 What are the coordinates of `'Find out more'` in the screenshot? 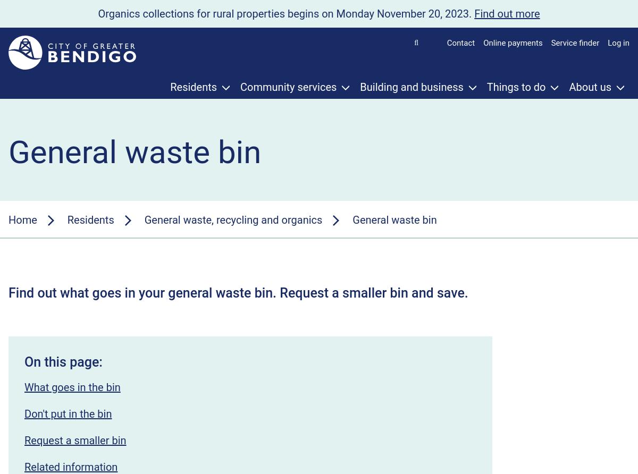 It's located at (473, 13).